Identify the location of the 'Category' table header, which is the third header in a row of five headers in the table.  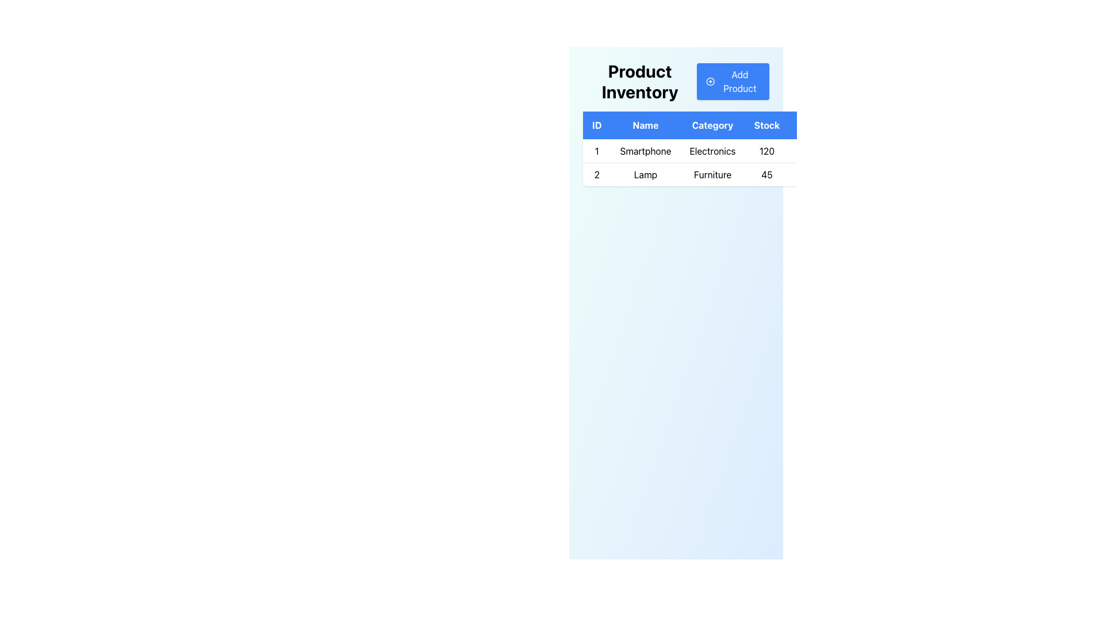
(712, 125).